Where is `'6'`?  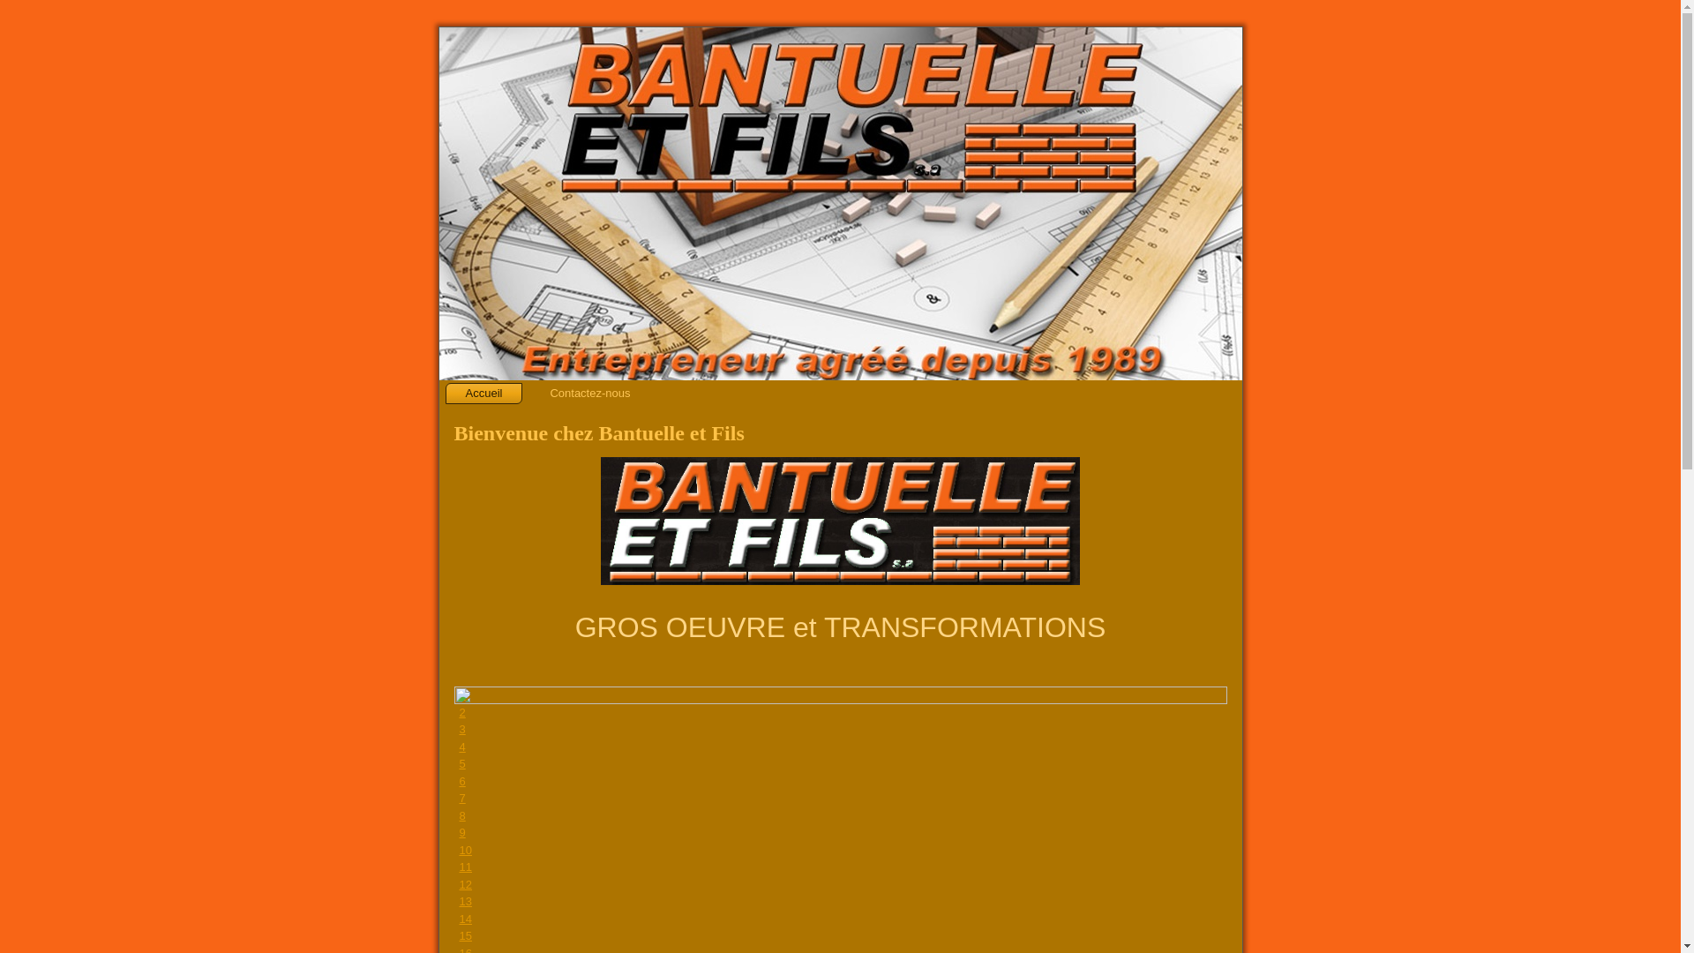
'6' is located at coordinates (461, 780).